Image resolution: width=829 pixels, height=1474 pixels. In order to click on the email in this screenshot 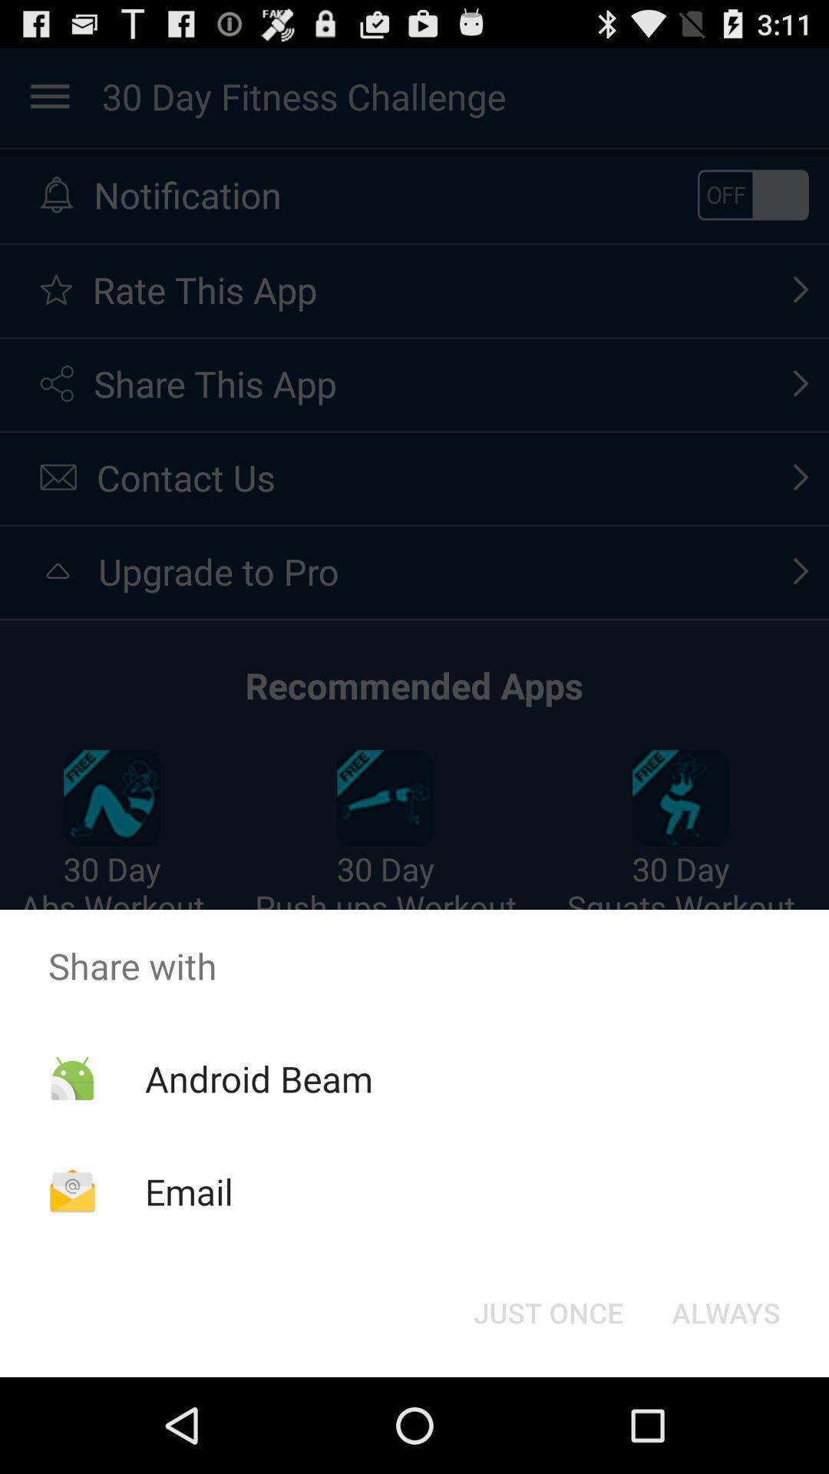, I will do `click(188, 1191)`.